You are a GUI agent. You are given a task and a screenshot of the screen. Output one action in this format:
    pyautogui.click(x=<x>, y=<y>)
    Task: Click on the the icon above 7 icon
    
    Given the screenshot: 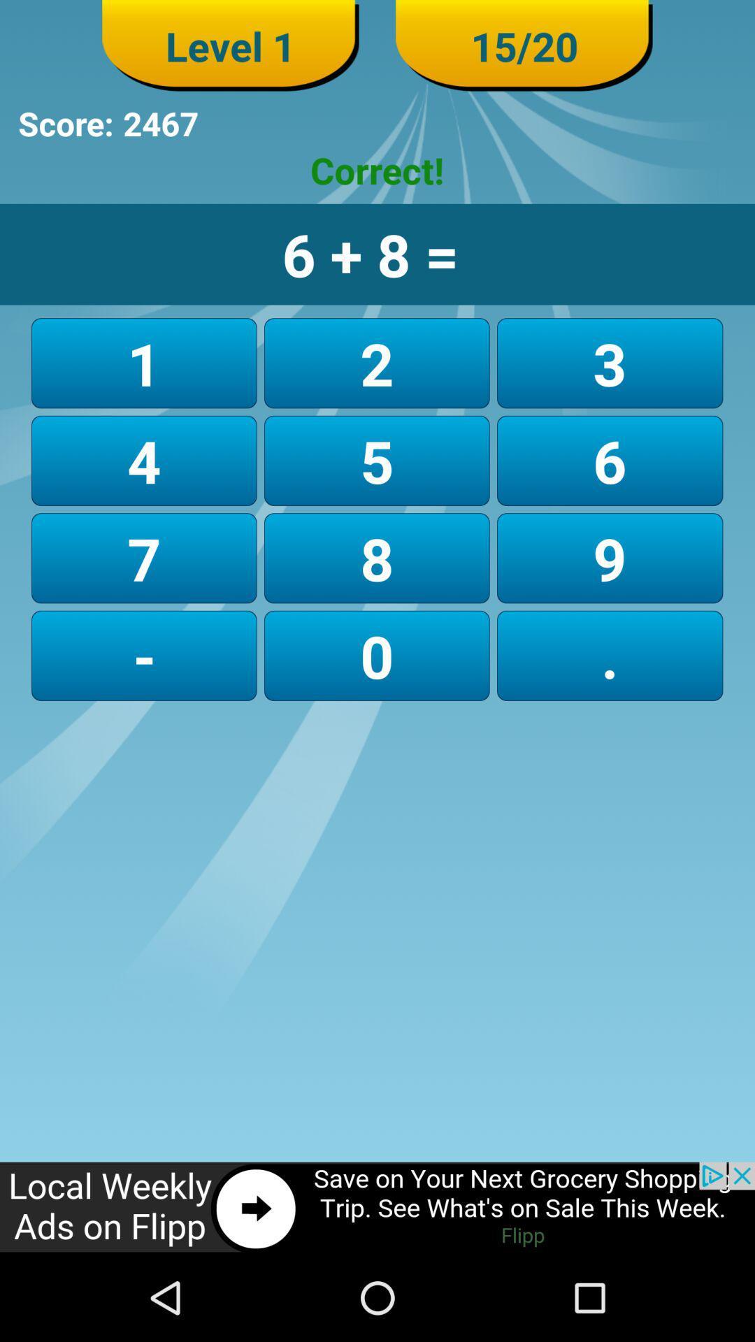 What is the action you would take?
    pyautogui.click(x=376, y=461)
    